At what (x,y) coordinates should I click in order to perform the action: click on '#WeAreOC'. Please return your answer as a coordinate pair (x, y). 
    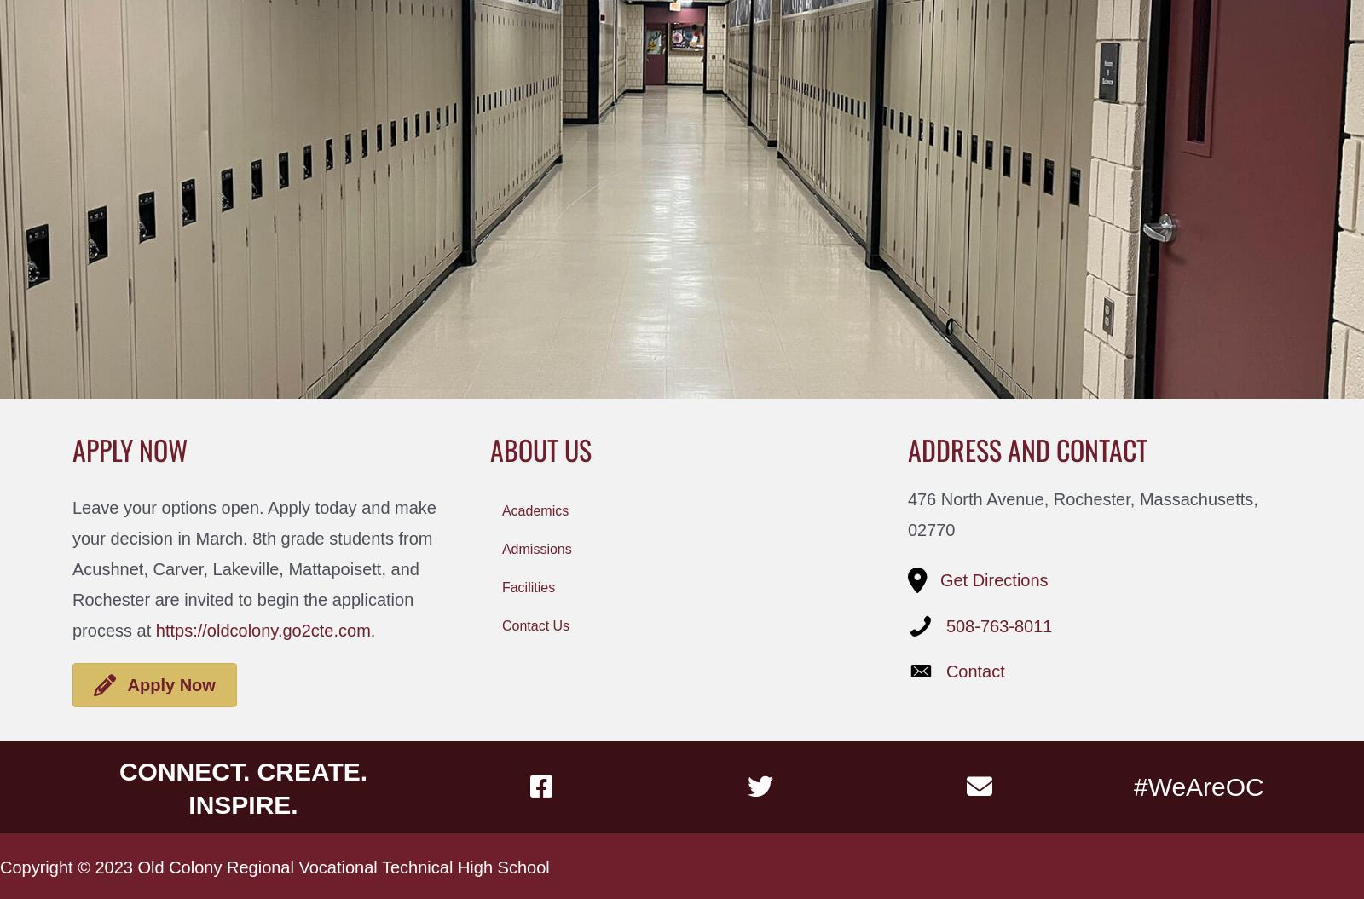
    Looking at the image, I should click on (1198, 785).